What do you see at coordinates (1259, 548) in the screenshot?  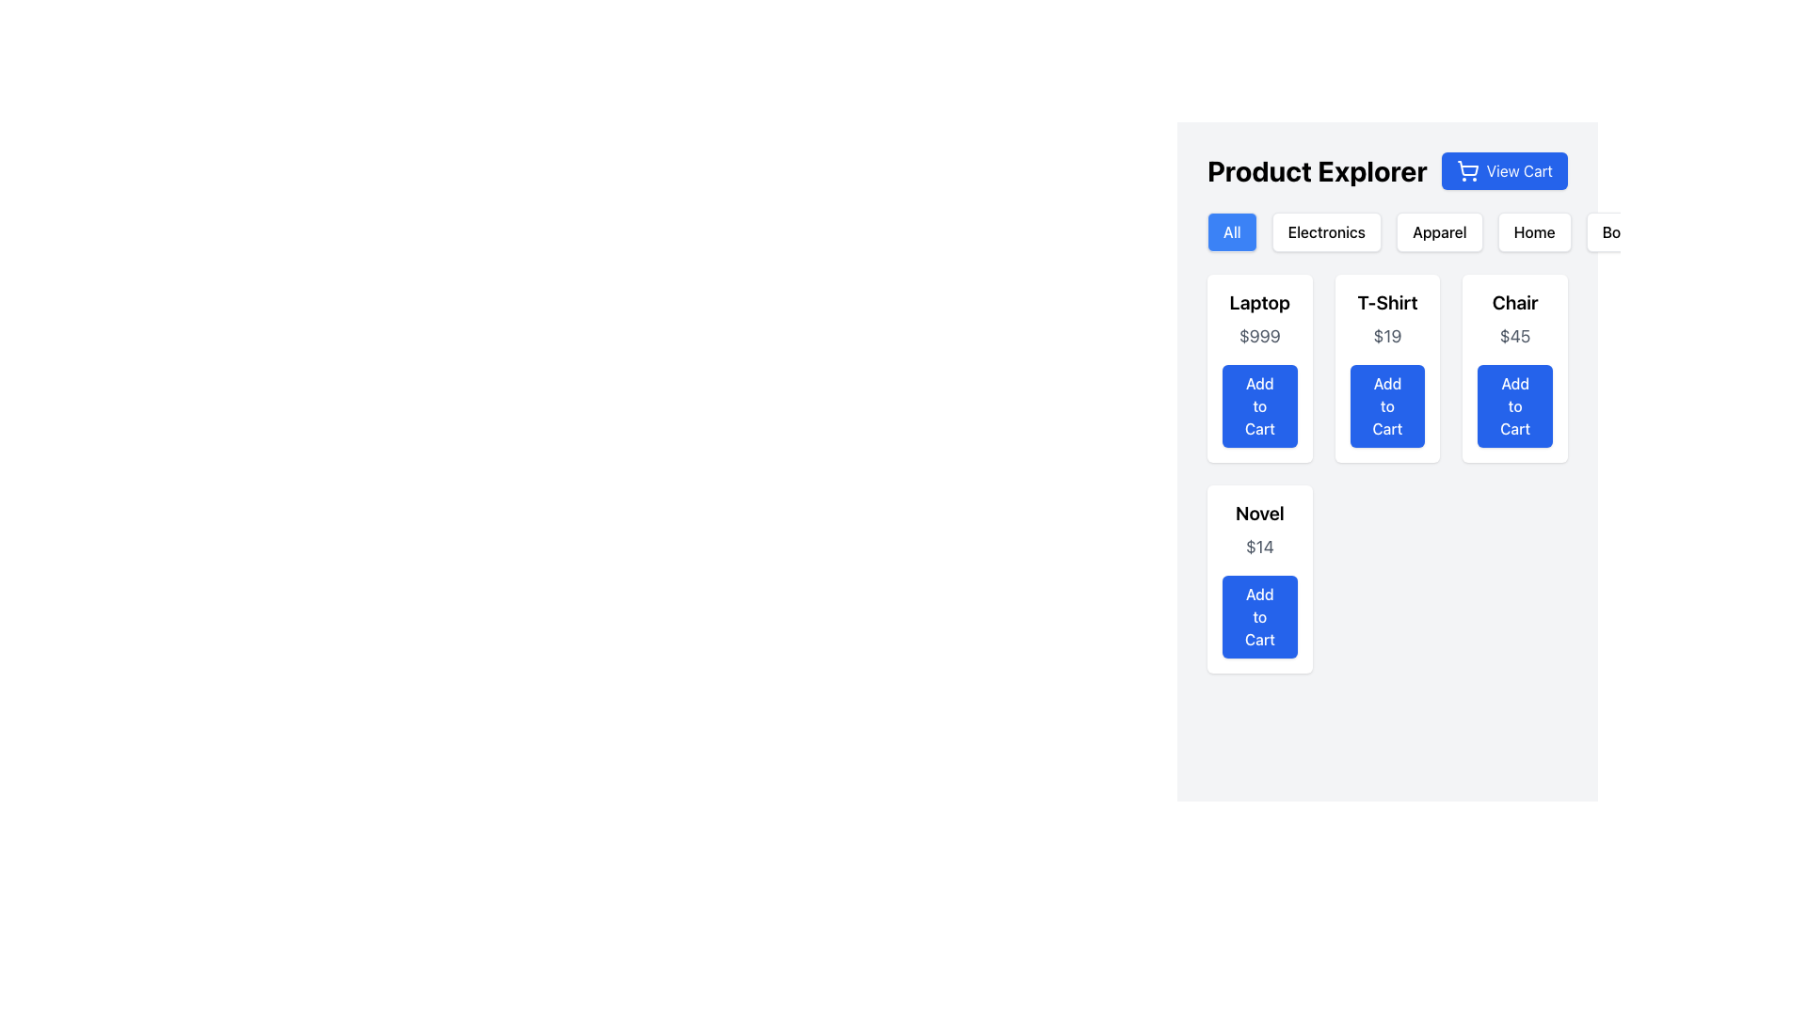 I see `the text label displaying the price '$14' in light gray color, positioned below the title 'Novel' and above the 'Add to Cart' button` at bounding box center [1259, 548].